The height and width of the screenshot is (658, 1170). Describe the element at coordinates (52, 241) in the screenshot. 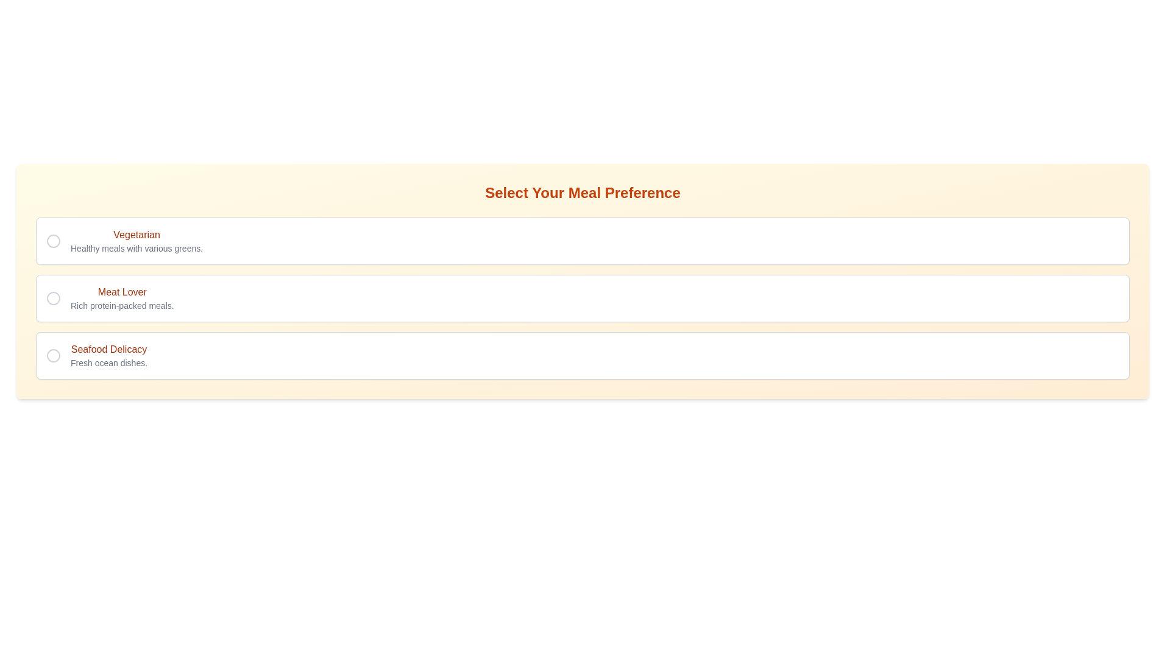

I see `the circular SVG element representing the 'Vegetarian' option in the radio button group` at that location.